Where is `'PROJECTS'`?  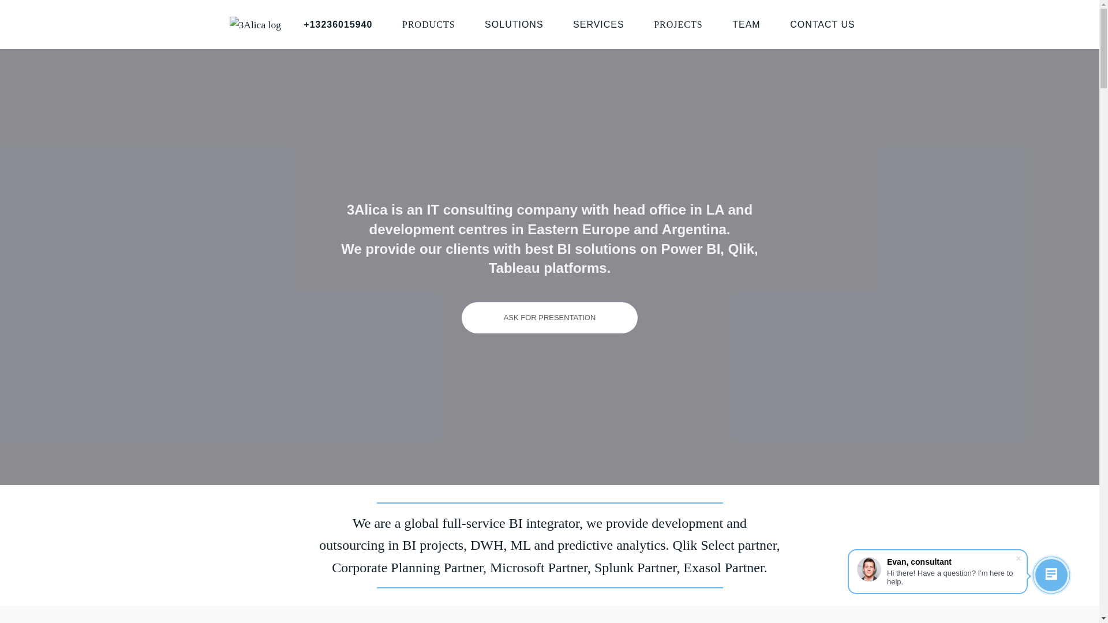
'PROJECTS' is located at coordinates (678, 24).